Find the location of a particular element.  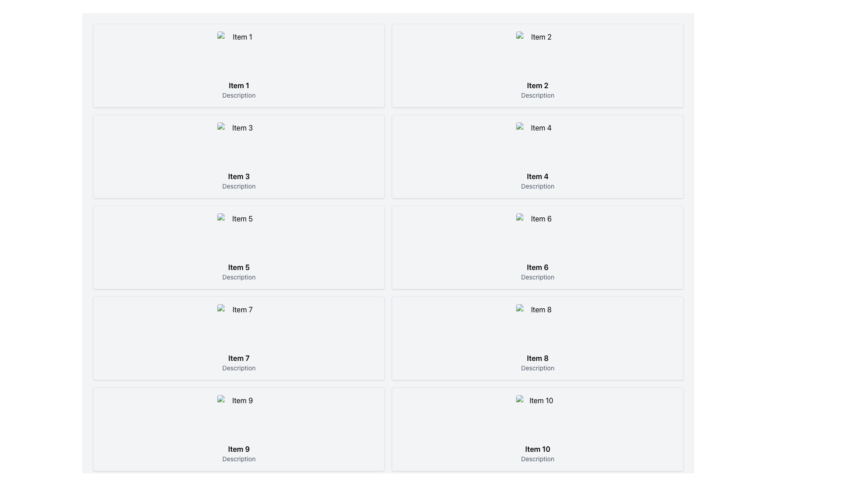

the image placeholder representing 'Item 2', which is centrally positioned in the second item box of a two-column grid layout is located at coordinates (538, 53).